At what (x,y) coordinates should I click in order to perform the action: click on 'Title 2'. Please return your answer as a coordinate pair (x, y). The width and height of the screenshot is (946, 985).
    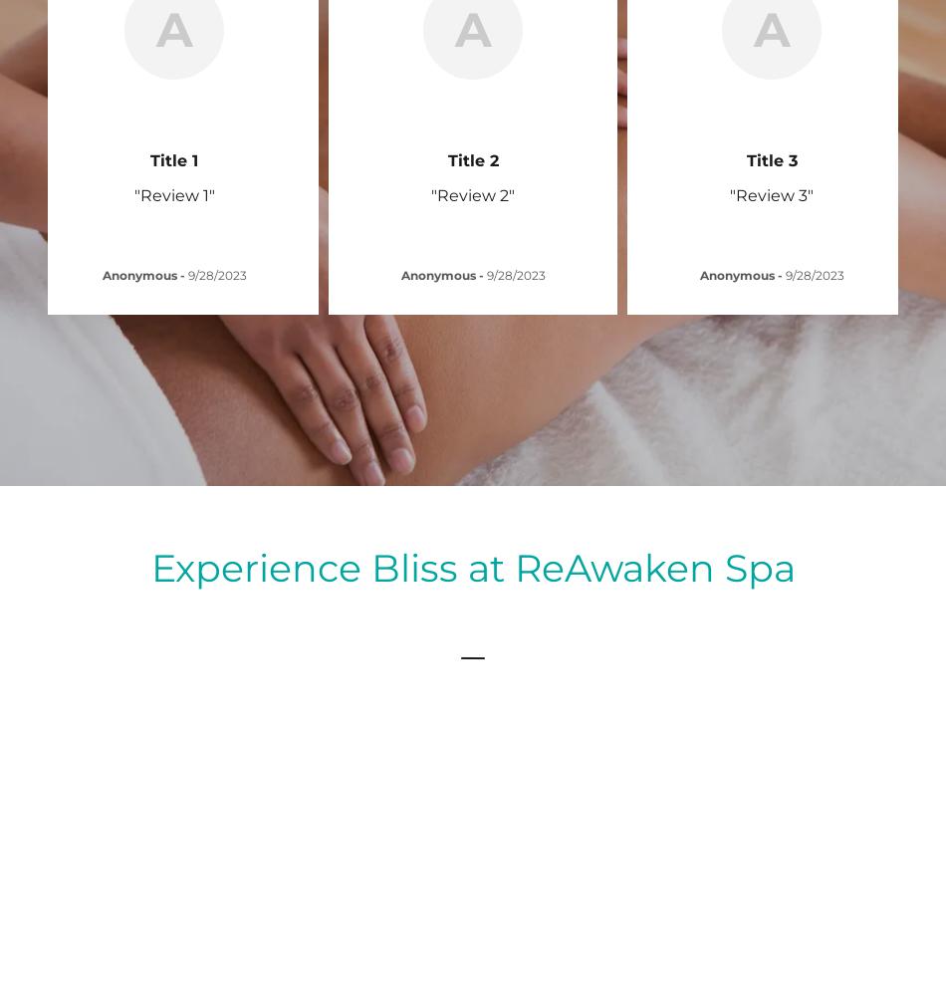
    Looking at the image, I should click on (471, 159).